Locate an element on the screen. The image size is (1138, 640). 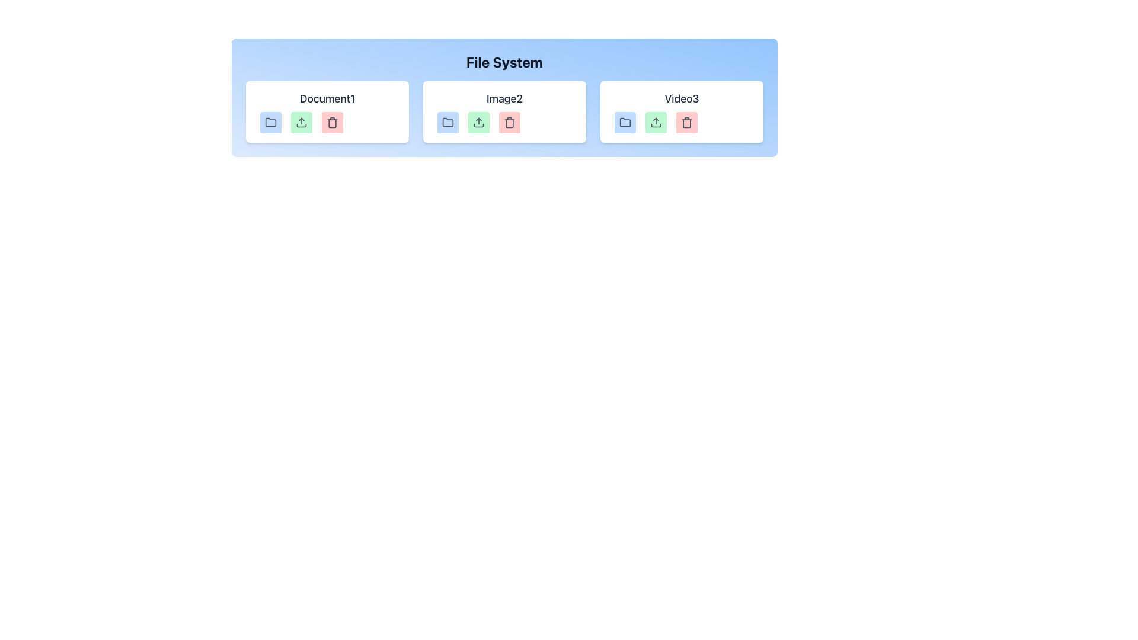
the delete button located in the center card of a three-card layout, which is the third button in the row of action buttons inside the 'Image2' card is located at coordinates (509, 123).